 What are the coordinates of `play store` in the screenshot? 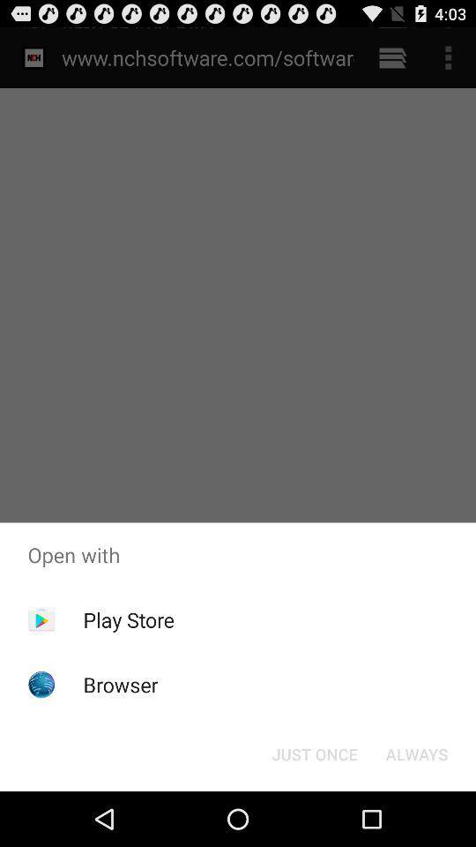 It's located at (128, 619).